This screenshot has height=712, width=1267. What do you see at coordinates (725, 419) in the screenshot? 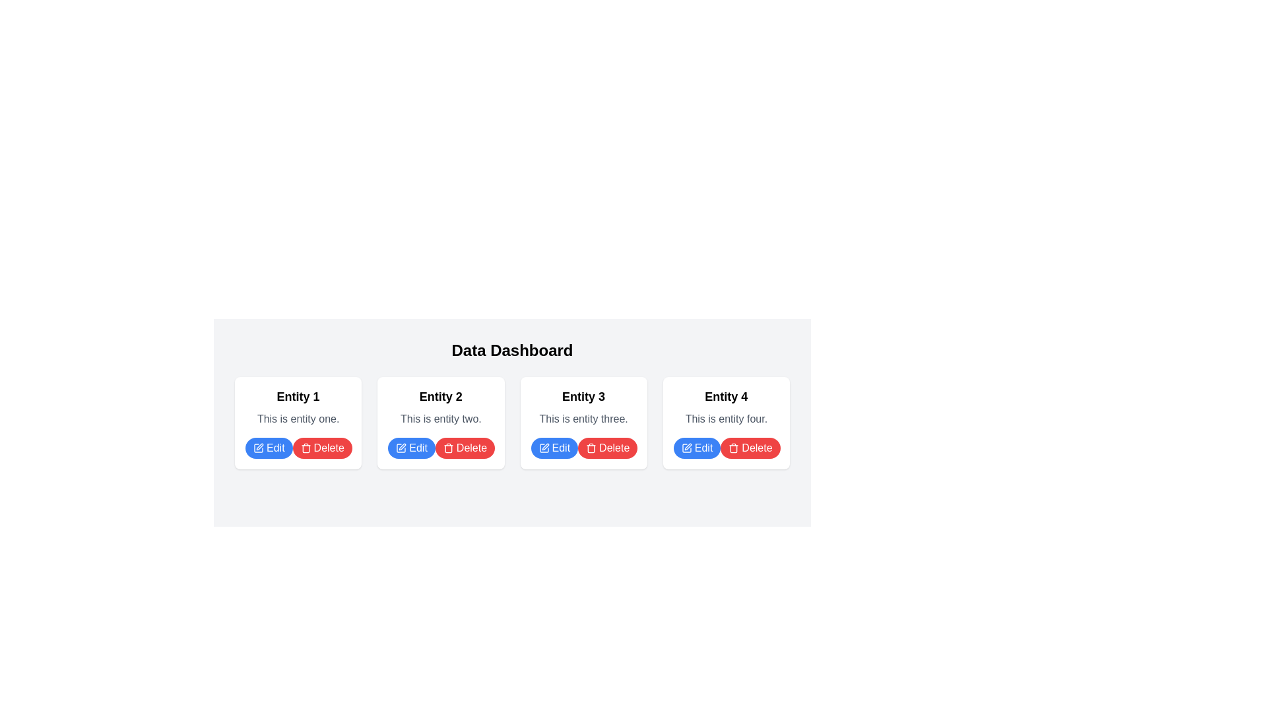
I see `the text label reading 'This is entity four.' located below the heading 'Entity 4' within the card layout` at bounding box center [725, 419].